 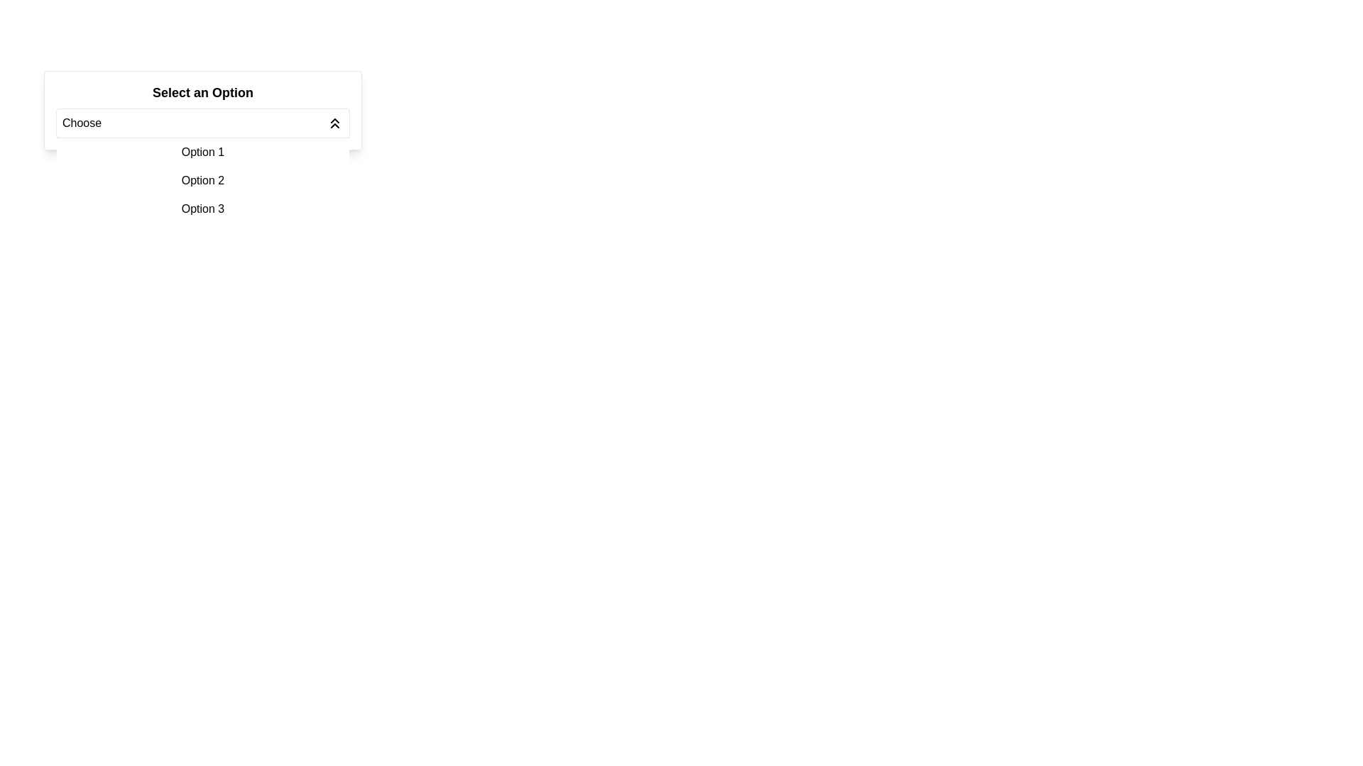 I want to click on the static text label that reads 'Select an Option', which is styled with a moderately large font size, bold styling, and black color, located above the dropdown button labeled 'Choose', so click(x=202, y=93).